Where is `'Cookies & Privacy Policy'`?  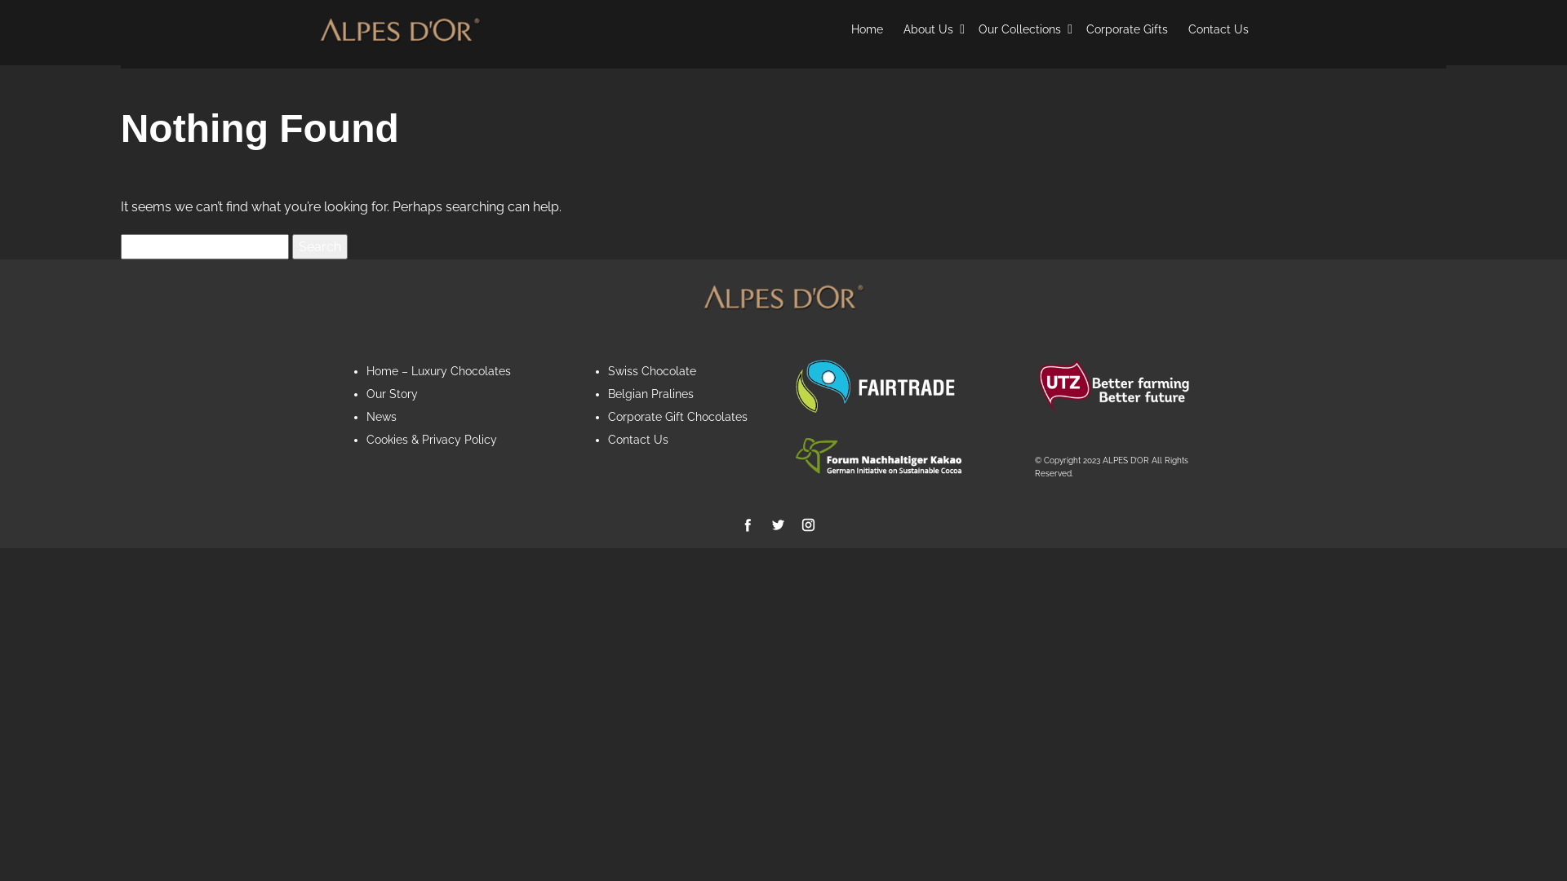
'Cookies & Privacy Policy' is located at coordinates (431, 439).